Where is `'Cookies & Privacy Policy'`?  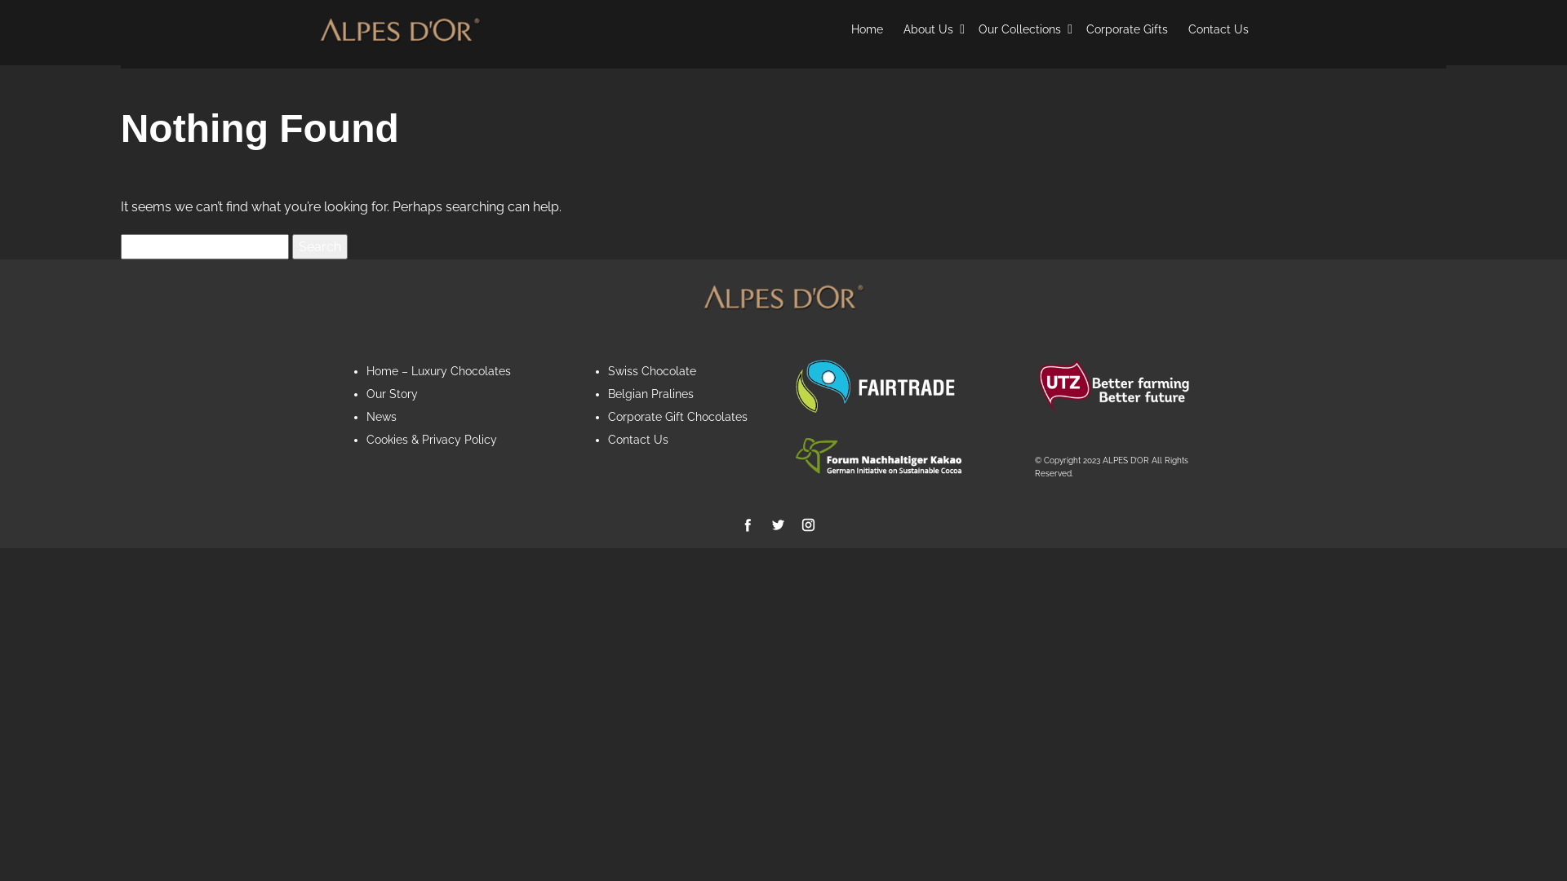
'Cookies & Privacy Policy' is located at coordinates (431, 439).